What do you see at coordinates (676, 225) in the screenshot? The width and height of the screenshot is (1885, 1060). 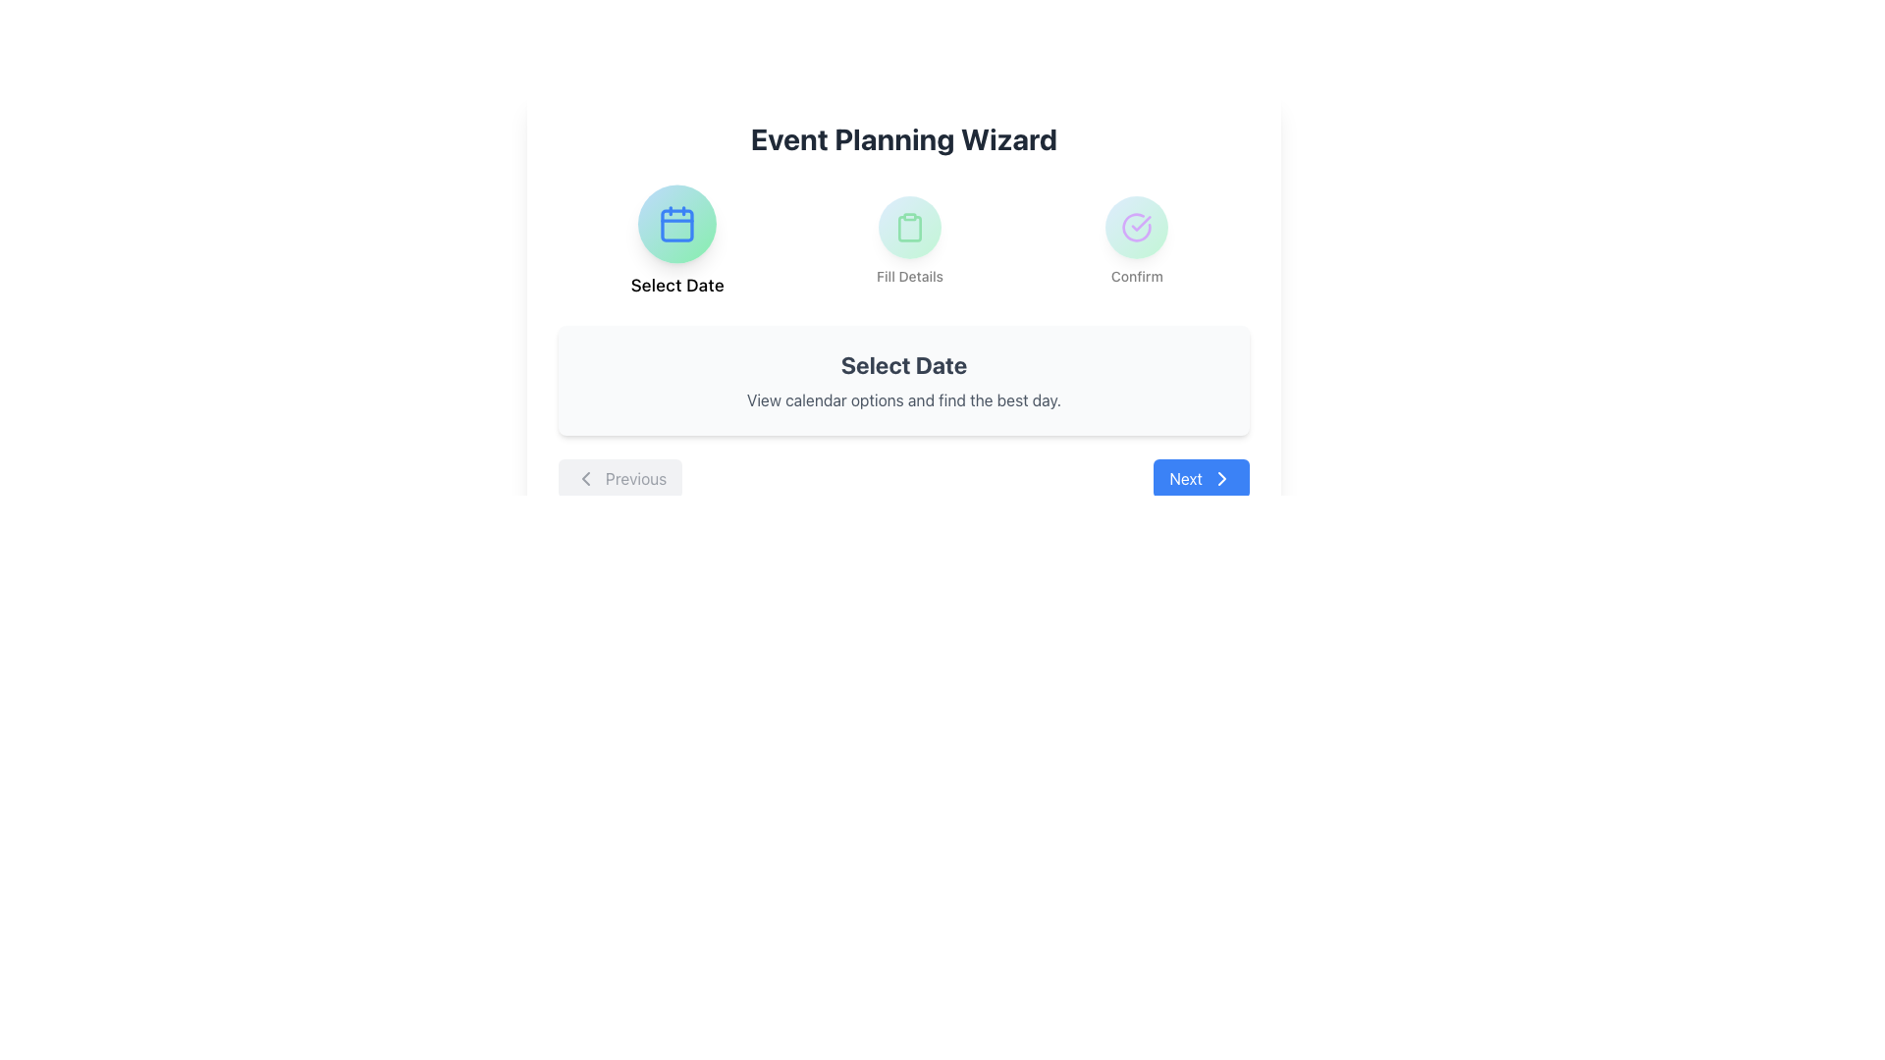 I see `the decorative graphical element that visually represents the calendar day selection in the UI, located inside the calendar icon to the left of the 'Event Planning Wizard' heading` at bounding box center [676, 225].